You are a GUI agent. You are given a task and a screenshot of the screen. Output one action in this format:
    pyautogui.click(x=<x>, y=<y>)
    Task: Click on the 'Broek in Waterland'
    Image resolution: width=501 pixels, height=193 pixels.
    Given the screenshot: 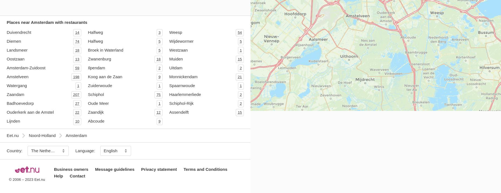 What is the action you would take?
    pyautogui.click(x=88, y=50)
    